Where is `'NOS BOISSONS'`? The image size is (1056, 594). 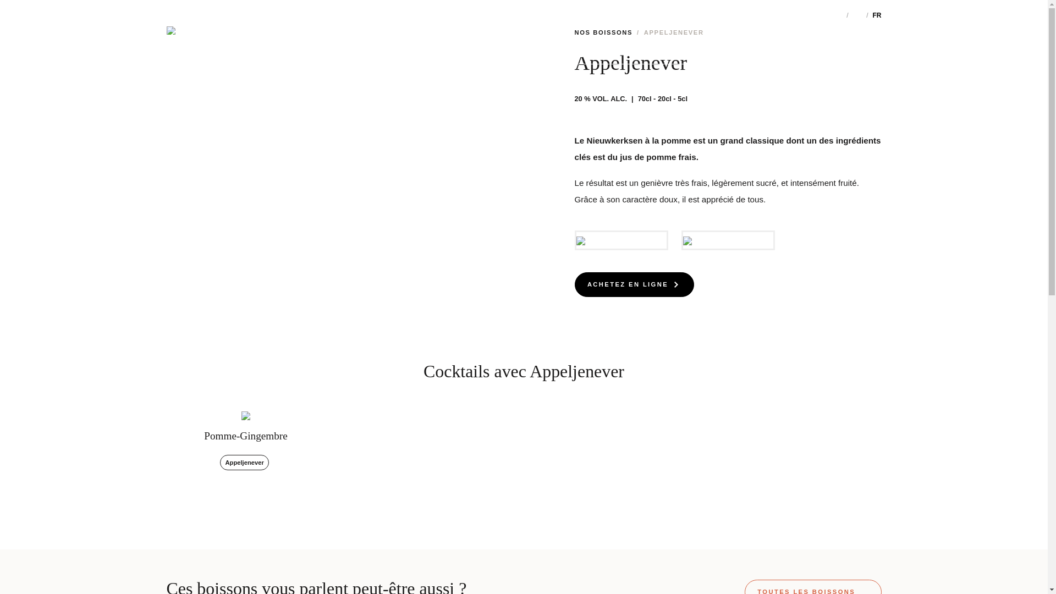 'NOS BOISSONS' is located at coordinates (603, 31).